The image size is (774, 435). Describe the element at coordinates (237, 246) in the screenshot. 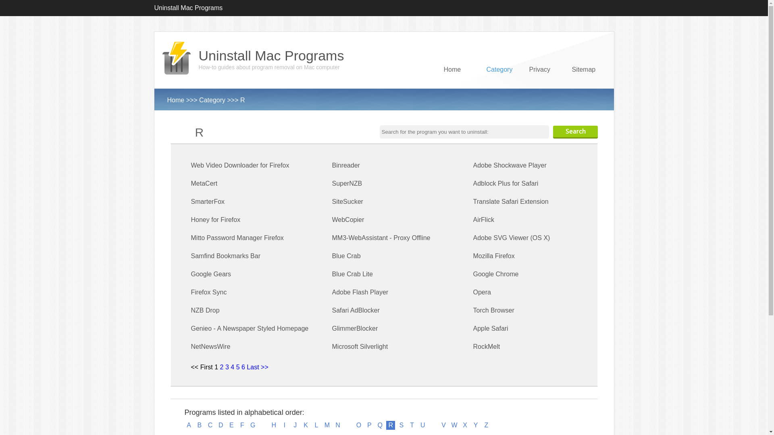

I see `'Mitto Password Manager Firefox Extension'` at that location.